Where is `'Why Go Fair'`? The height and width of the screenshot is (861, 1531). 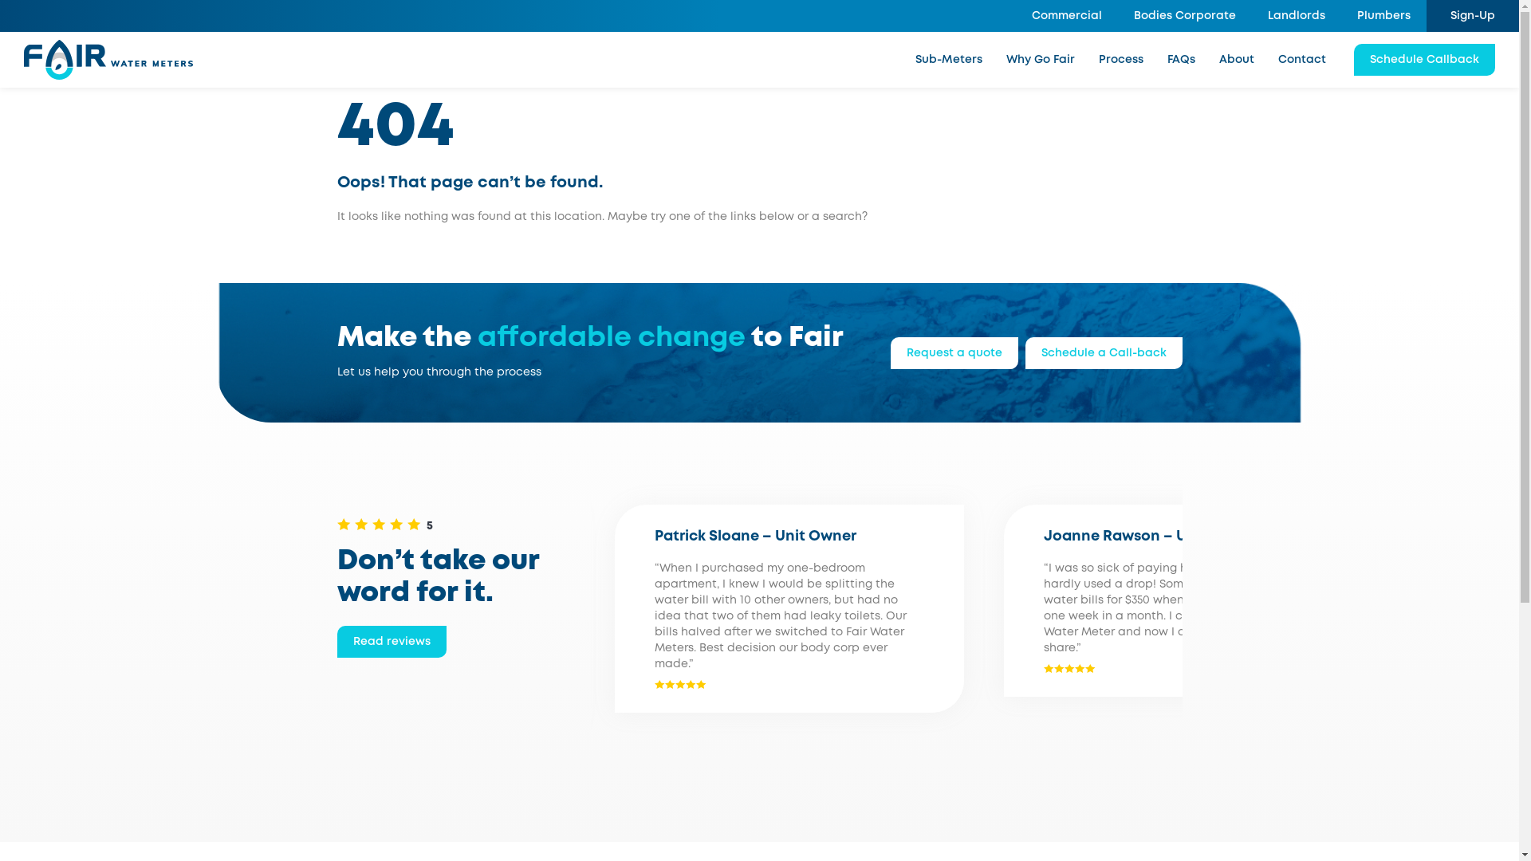 'Why Go Fair' is located at coordinates (1041, 58).